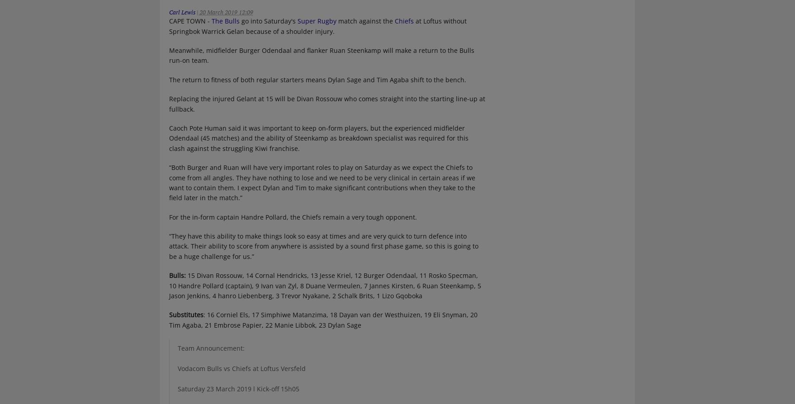 Image resolution: width=795 pixels, height=404 pixels. What do you see at coordinates (393, 21) in the screenshot?
I see `'Chiefs'` at bounding box center [393, 21].